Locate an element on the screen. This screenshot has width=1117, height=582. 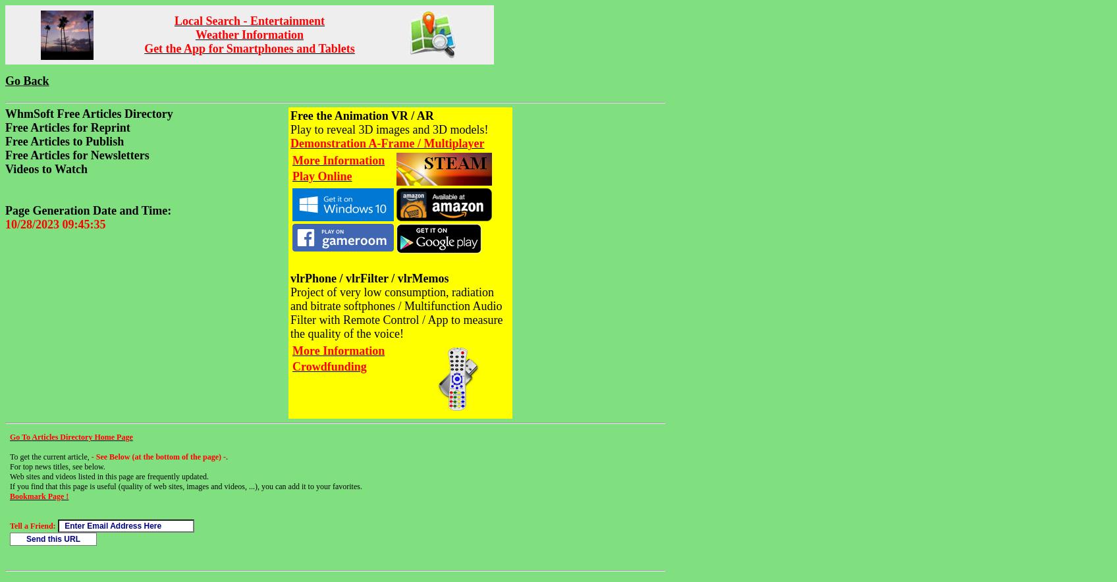
'Go Back' is located at coordinates (27, 80).